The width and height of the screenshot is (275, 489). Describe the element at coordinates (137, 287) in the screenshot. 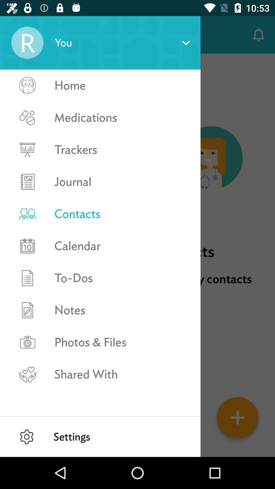

I see `store doctors clinics icon` at that location.